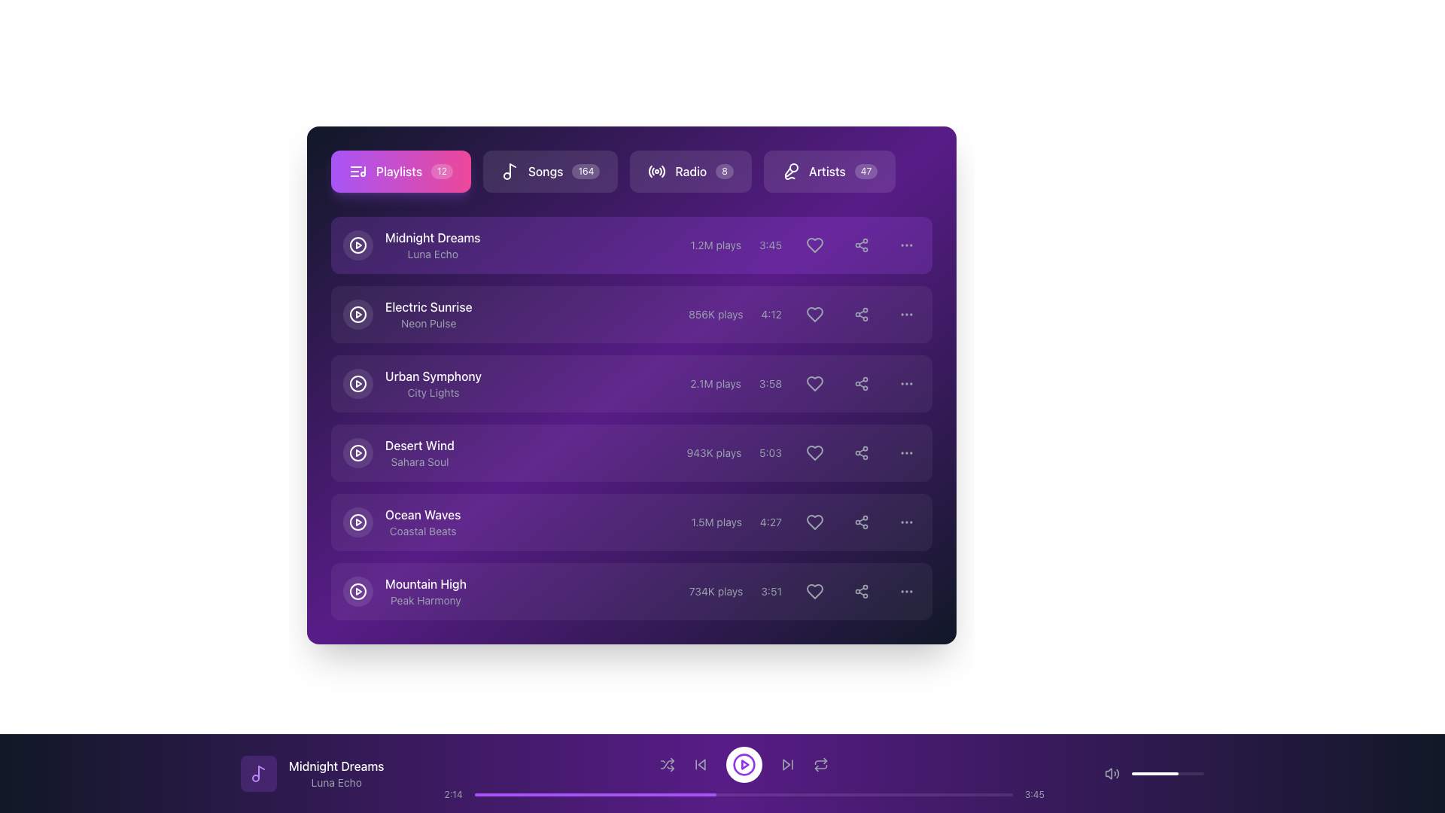 This screenshot has height=813, width=1445. I want to click on text of the first line in the music playlist entry titled 'Urban Symphony', which is located above 'City Lights' in the playlist interface, so click(433, 376).